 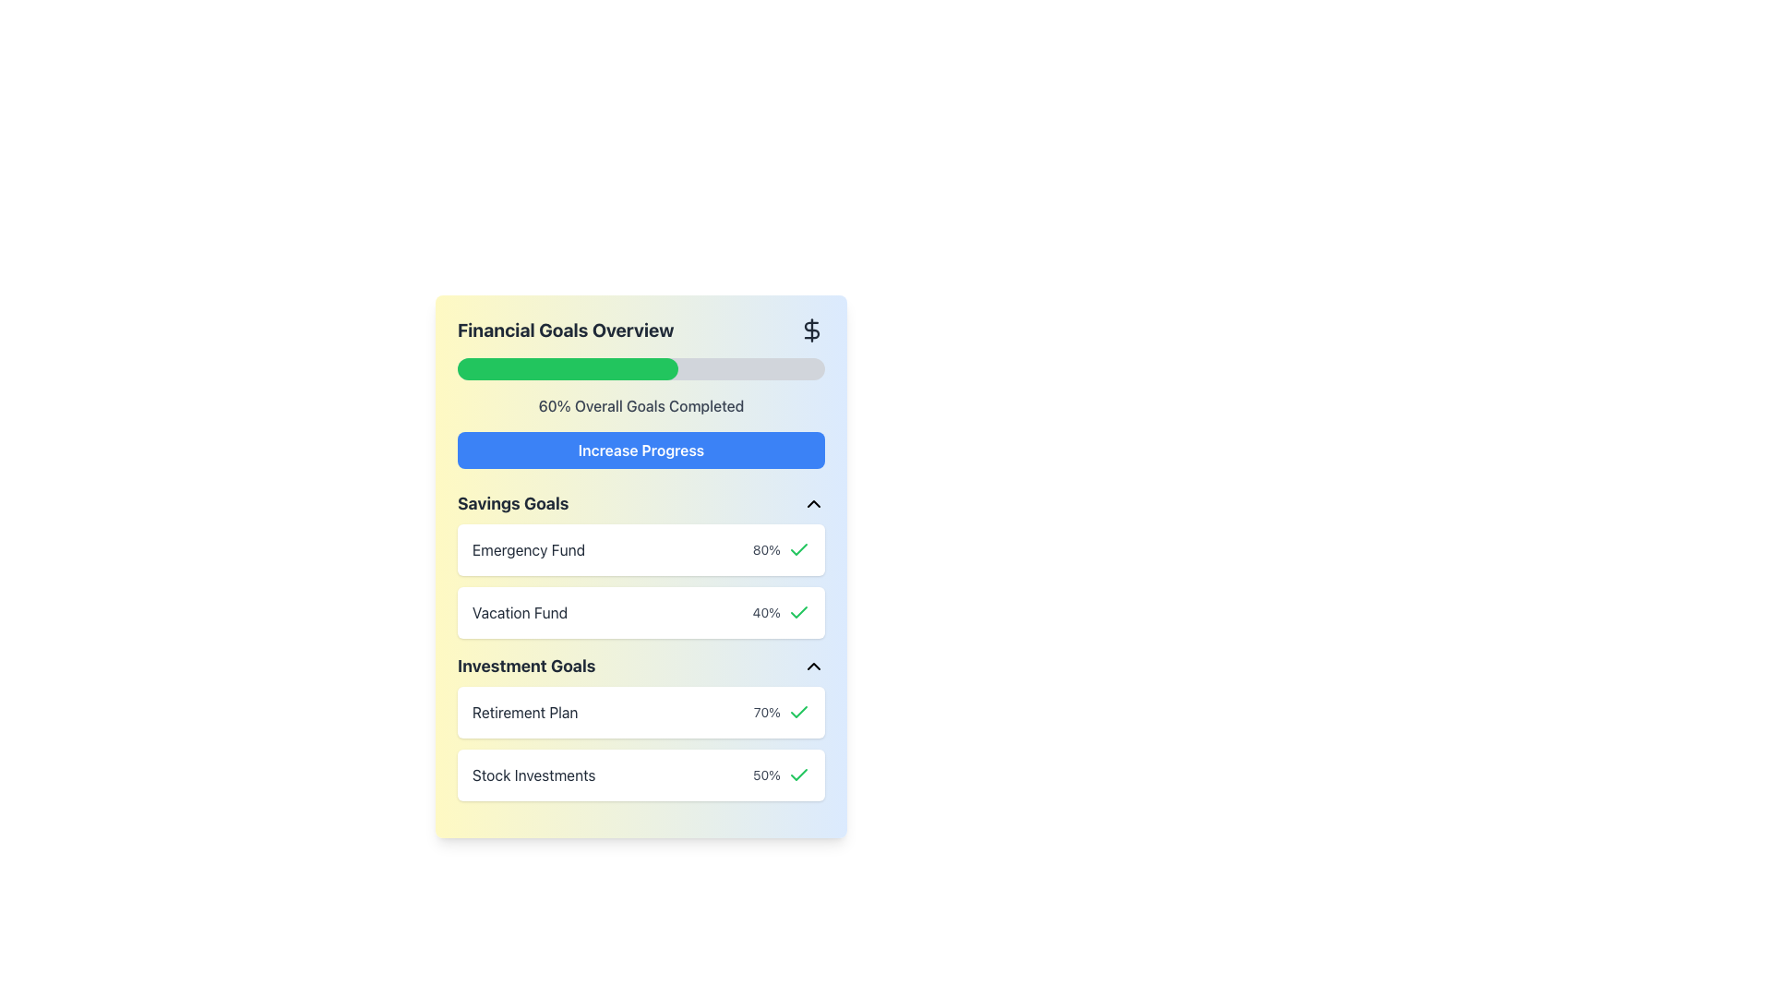 I want to click on the upward-pointing chevron icon located at the top-right of the 'Savings Goals' header section, so click(x=813, y=504).